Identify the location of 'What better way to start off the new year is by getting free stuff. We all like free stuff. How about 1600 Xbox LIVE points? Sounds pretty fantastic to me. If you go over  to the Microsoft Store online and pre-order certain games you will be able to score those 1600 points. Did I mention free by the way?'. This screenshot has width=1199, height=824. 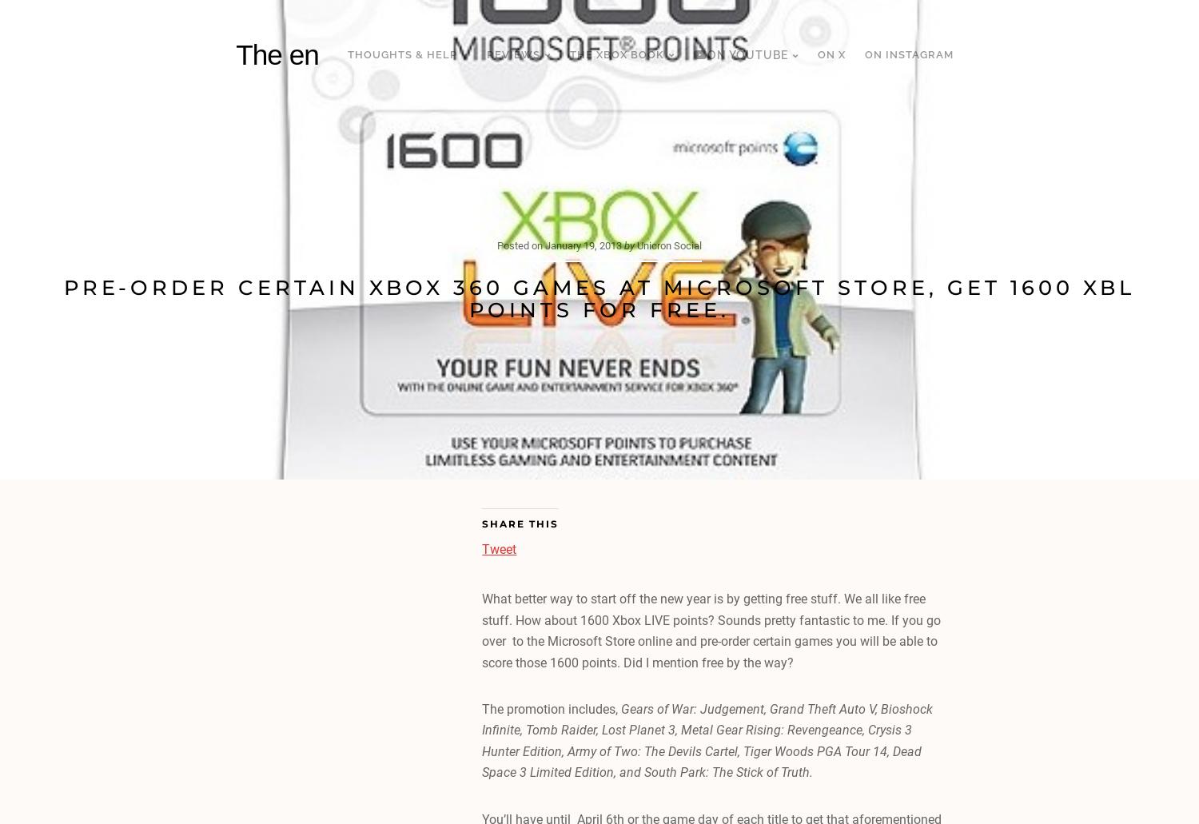
(711, 630).